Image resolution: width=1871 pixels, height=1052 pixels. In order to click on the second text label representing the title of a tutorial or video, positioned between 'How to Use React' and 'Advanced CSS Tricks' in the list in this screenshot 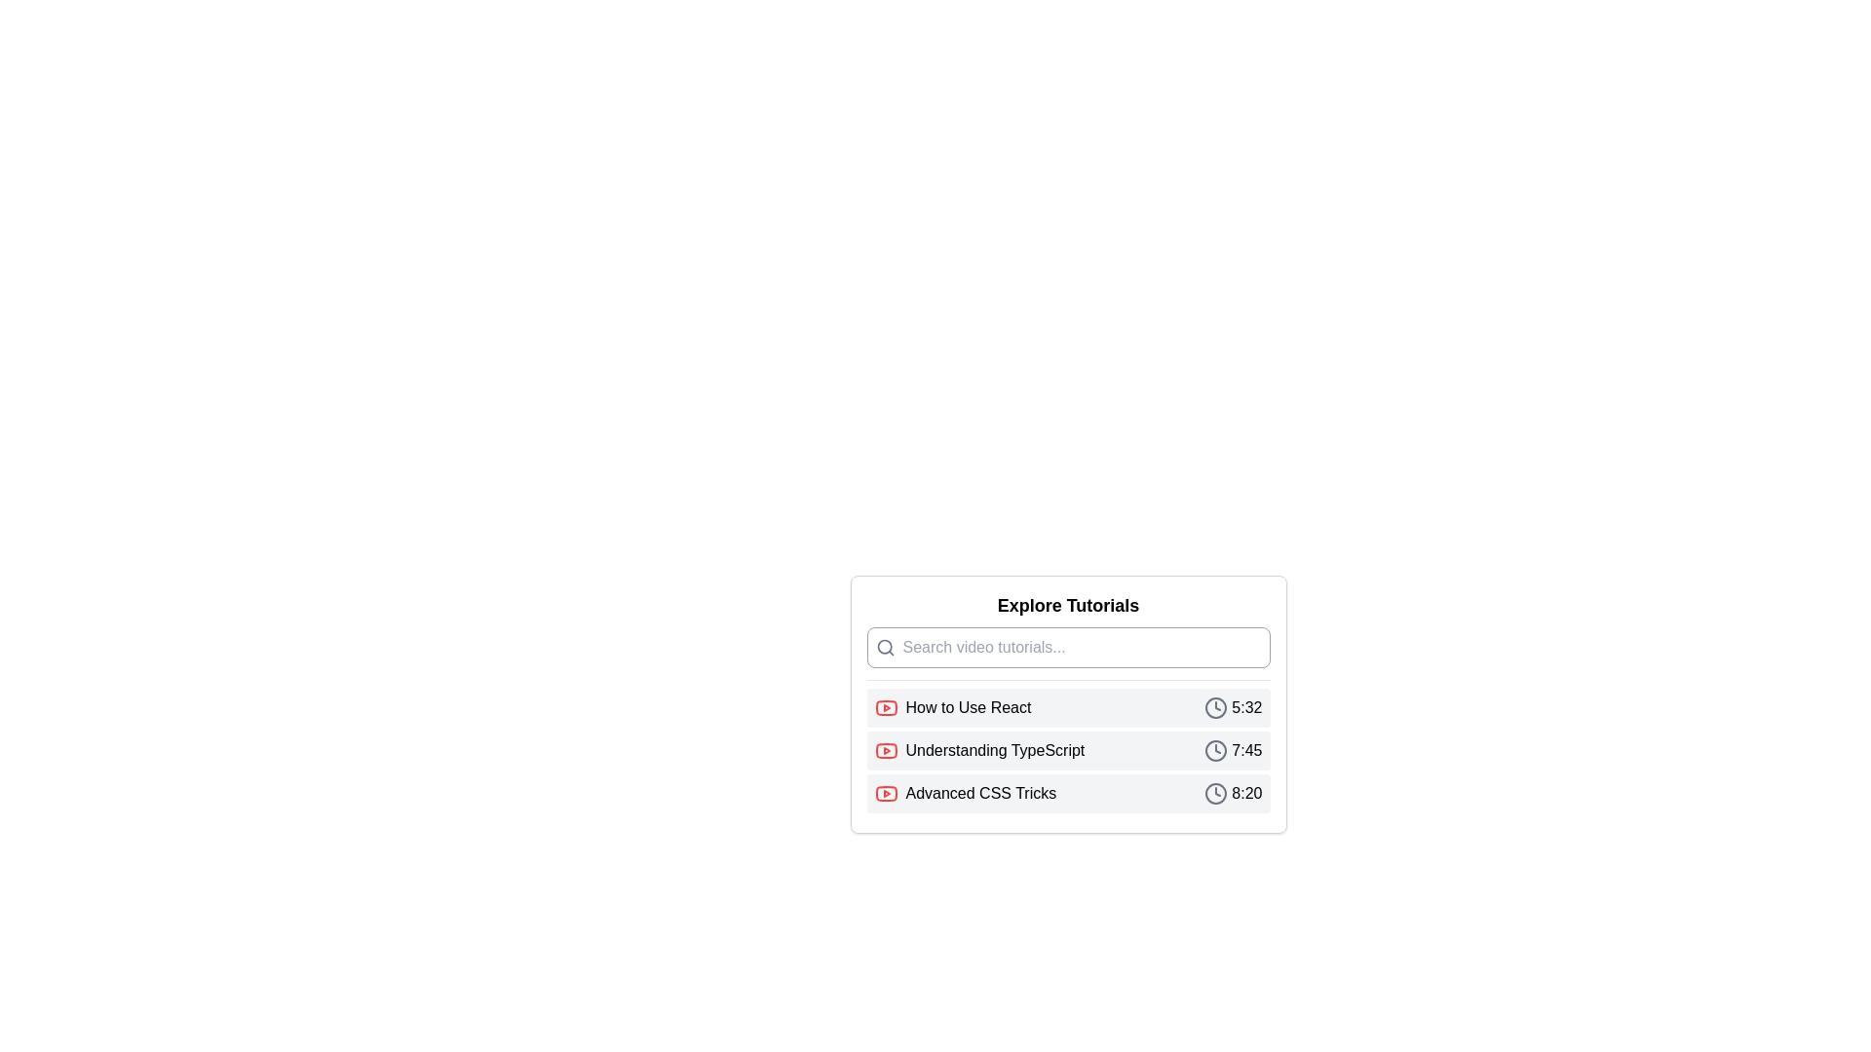, I will do `click(995, 750)`.